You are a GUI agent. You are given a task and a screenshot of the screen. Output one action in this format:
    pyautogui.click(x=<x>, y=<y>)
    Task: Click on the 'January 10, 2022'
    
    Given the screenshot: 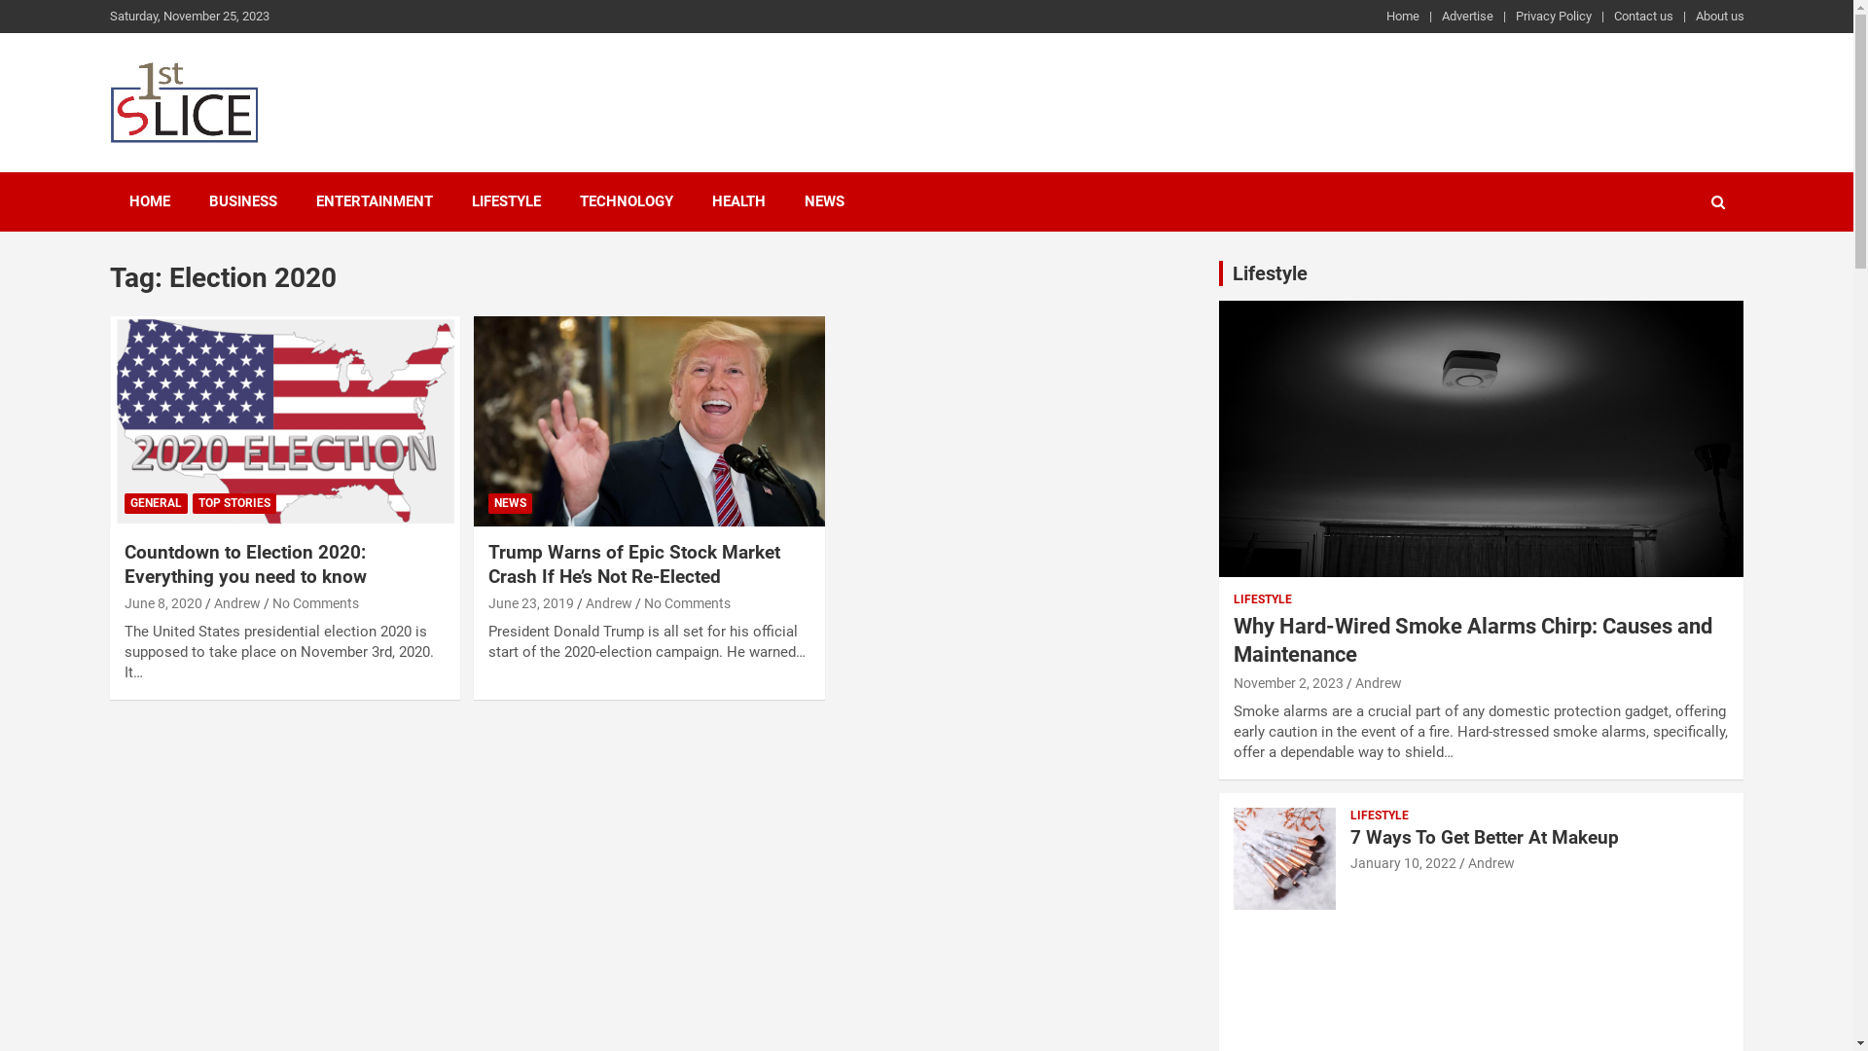 What is the action you would take?
    pyautogui.click(x=1403, y=862)
    